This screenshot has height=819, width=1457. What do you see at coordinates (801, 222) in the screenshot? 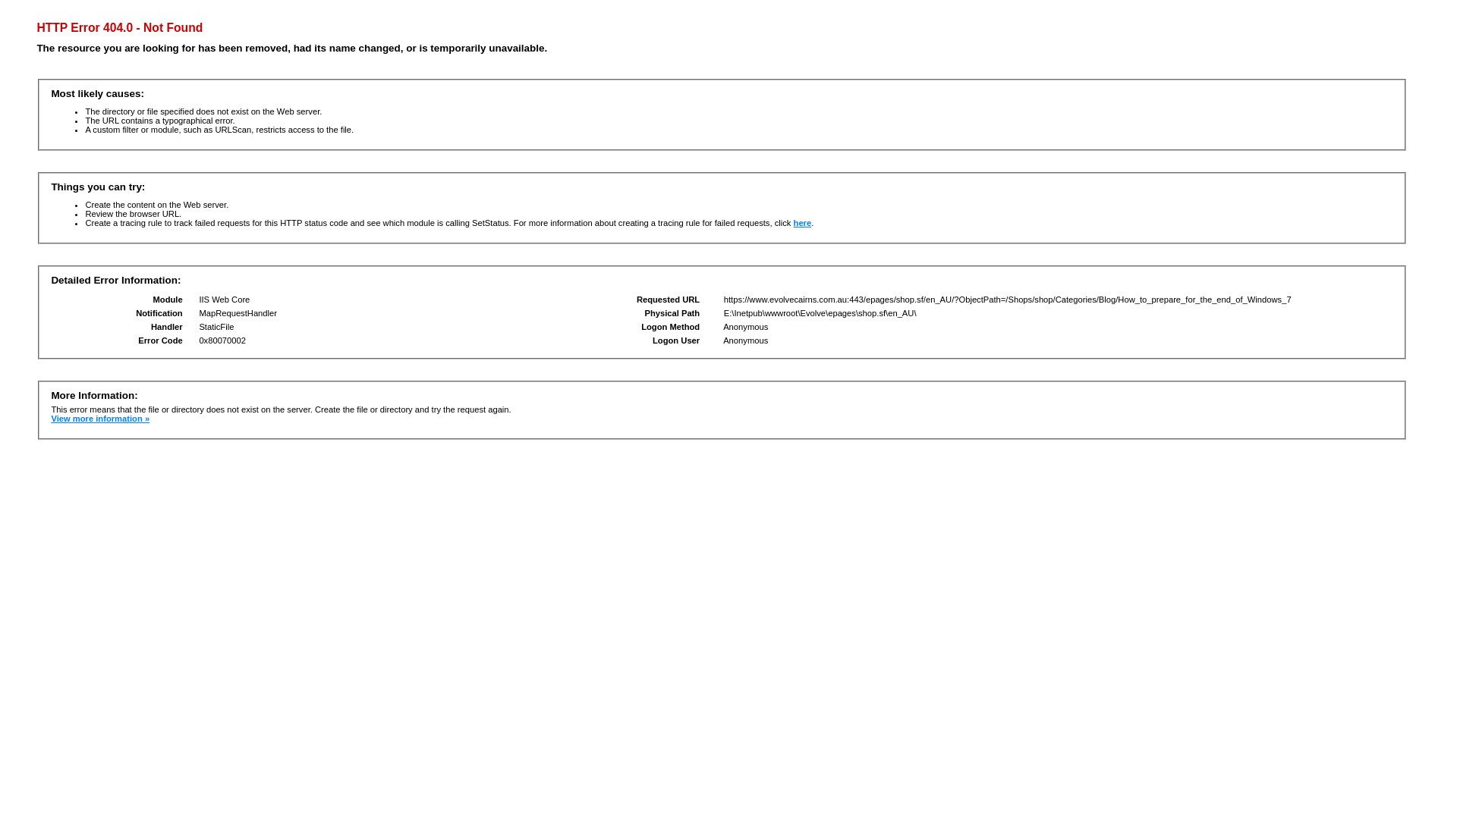
I see `'here'` at bounding box center [801, 222].